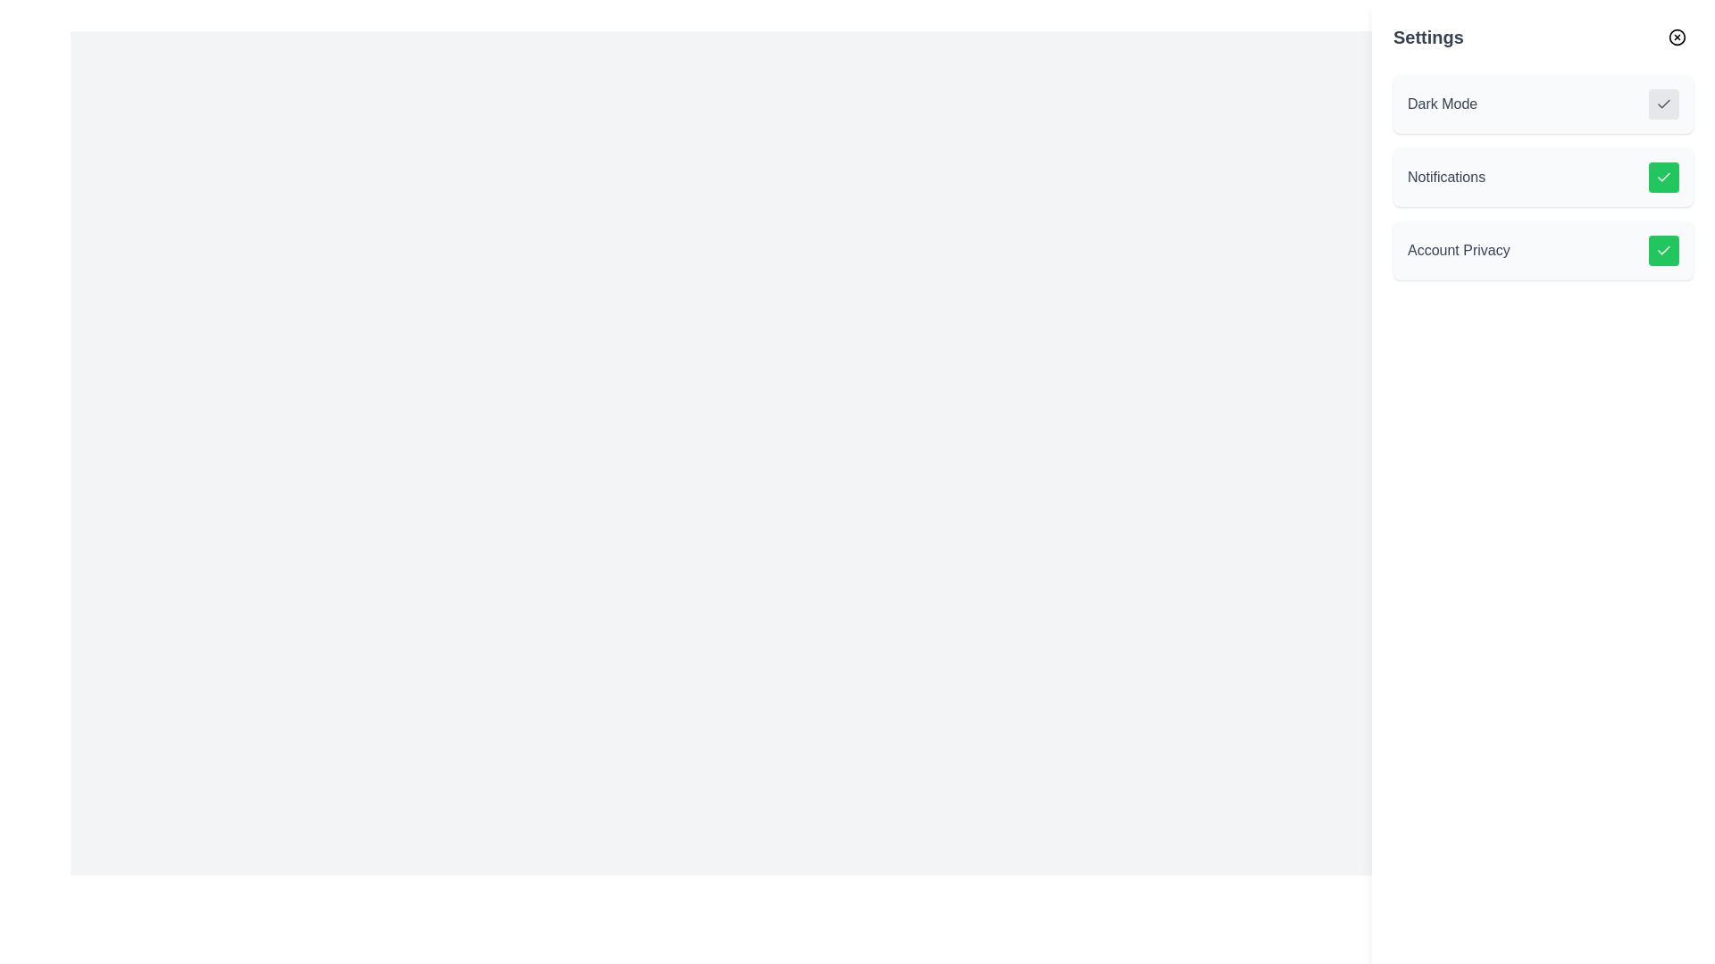 This screenshot has height=964, width=1715. Describe the element at coordinates (1543, 178) in the screenshot. I see `the 'Notifications' settings option located in the settings panel` at that location.